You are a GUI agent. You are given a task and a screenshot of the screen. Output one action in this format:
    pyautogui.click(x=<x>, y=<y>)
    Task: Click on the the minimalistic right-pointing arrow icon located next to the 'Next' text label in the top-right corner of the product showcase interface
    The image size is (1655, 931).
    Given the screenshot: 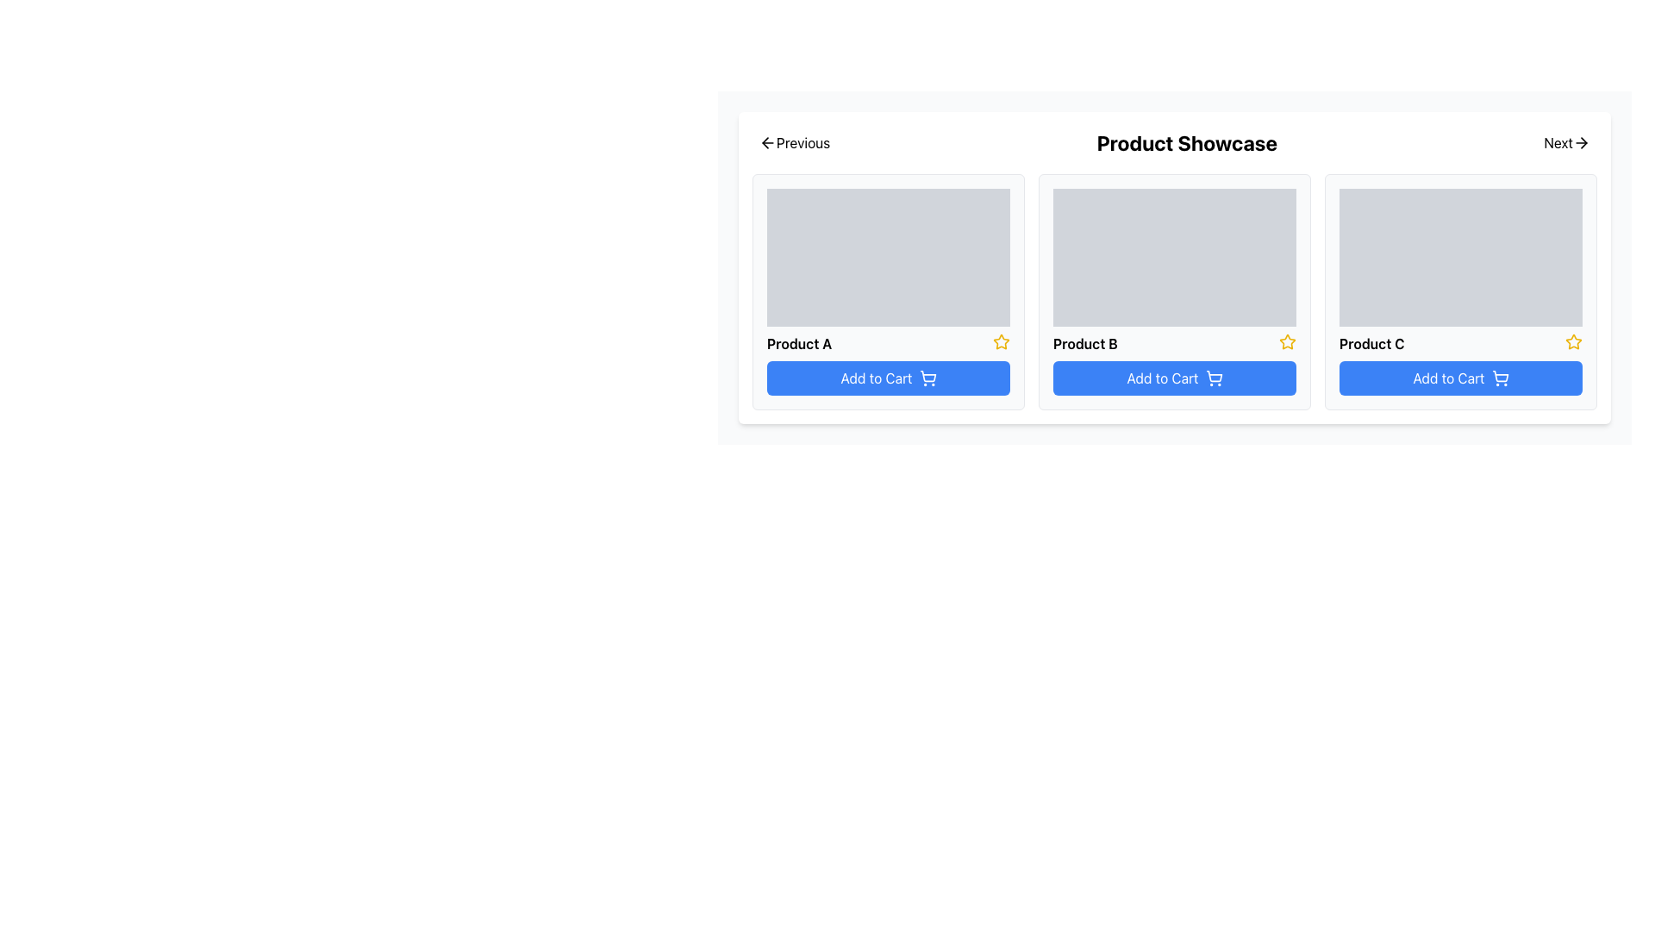 What is the action you would take?
    pyautogui.click(x=1581, y=141)
    